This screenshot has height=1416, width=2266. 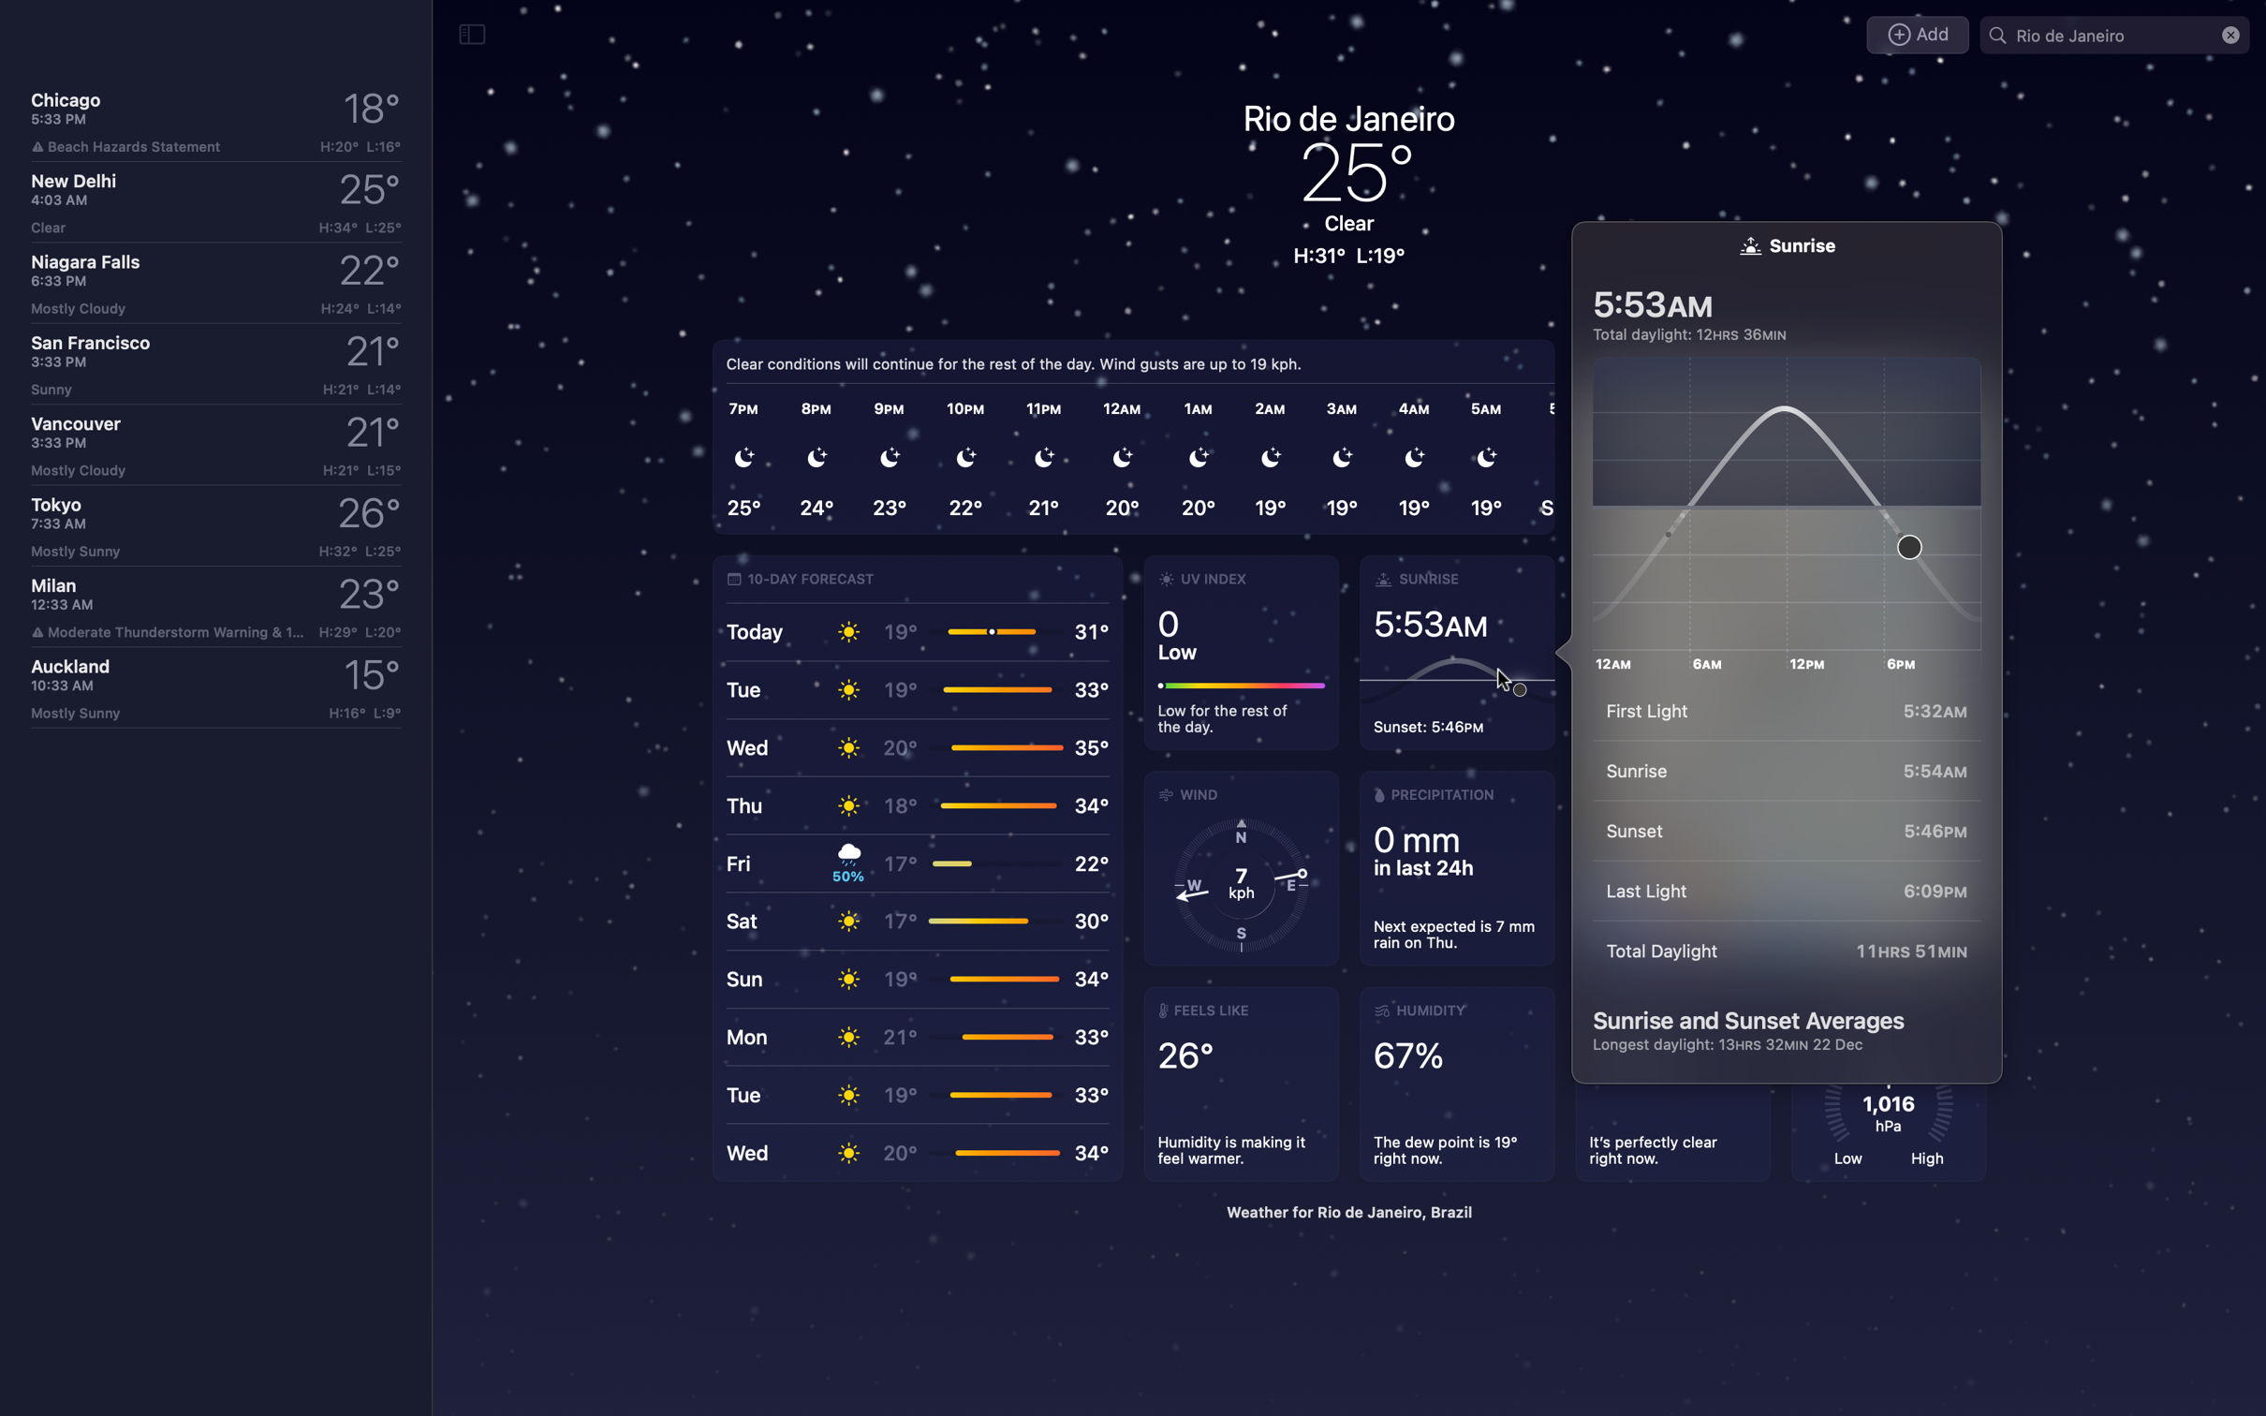 I want to click on Terminate the search for Rio"s weather report, so click(x=2229, y=35).